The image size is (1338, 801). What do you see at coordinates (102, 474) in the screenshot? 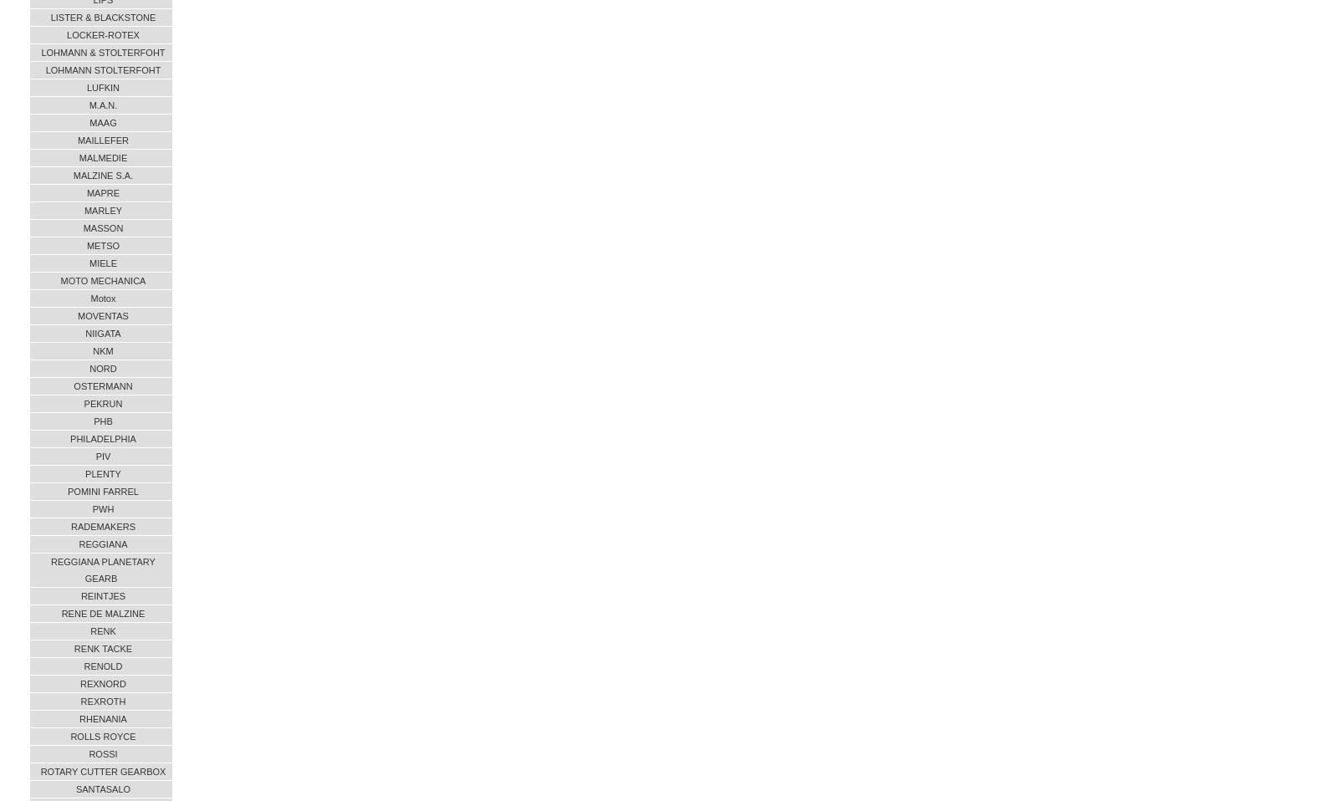
I see `'PLENTY'` at bounding box center [102, 474].